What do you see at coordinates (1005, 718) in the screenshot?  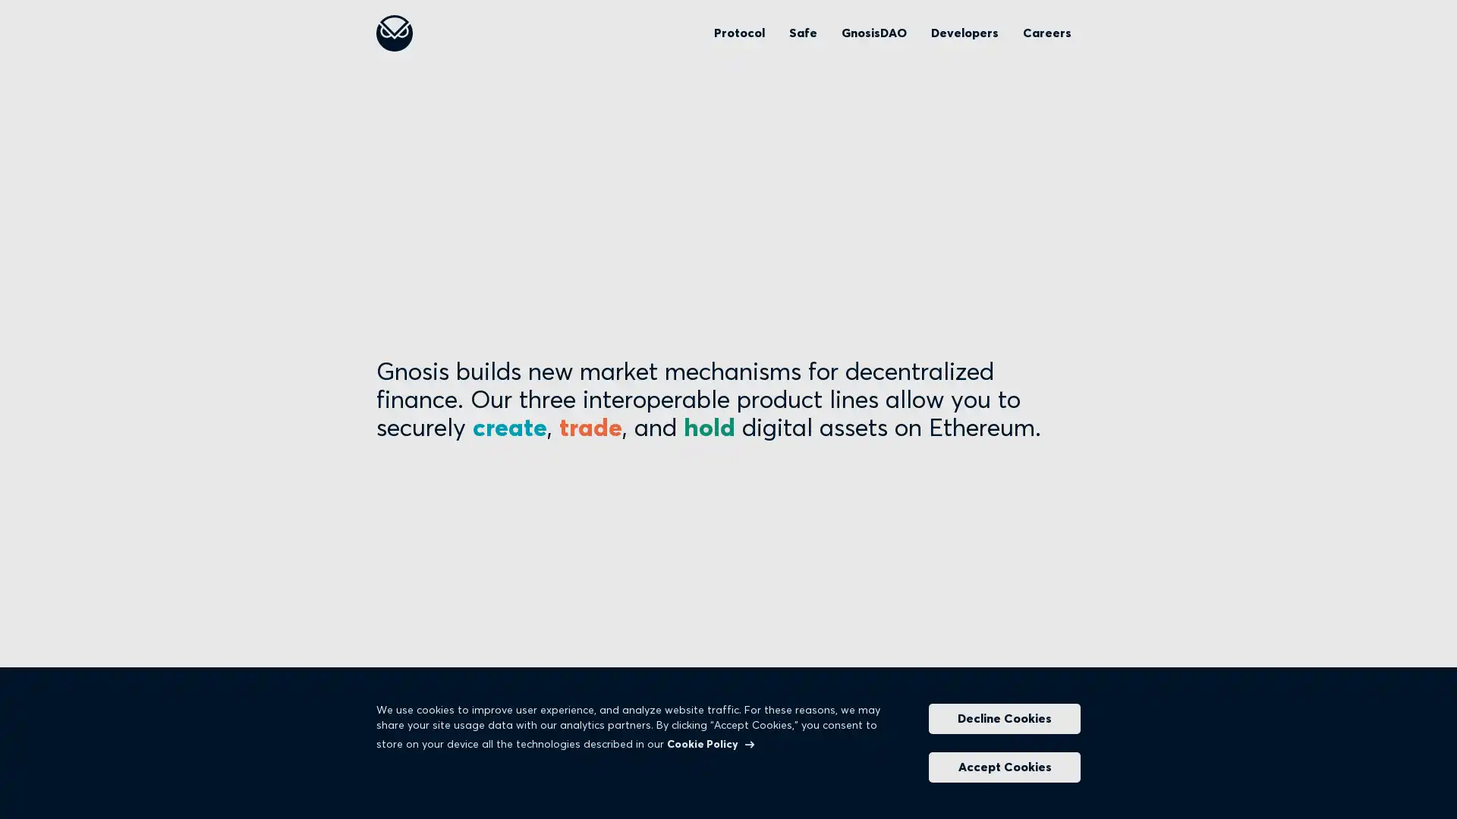 I see `Decline Cookies` at bounding box center [1005, 718].